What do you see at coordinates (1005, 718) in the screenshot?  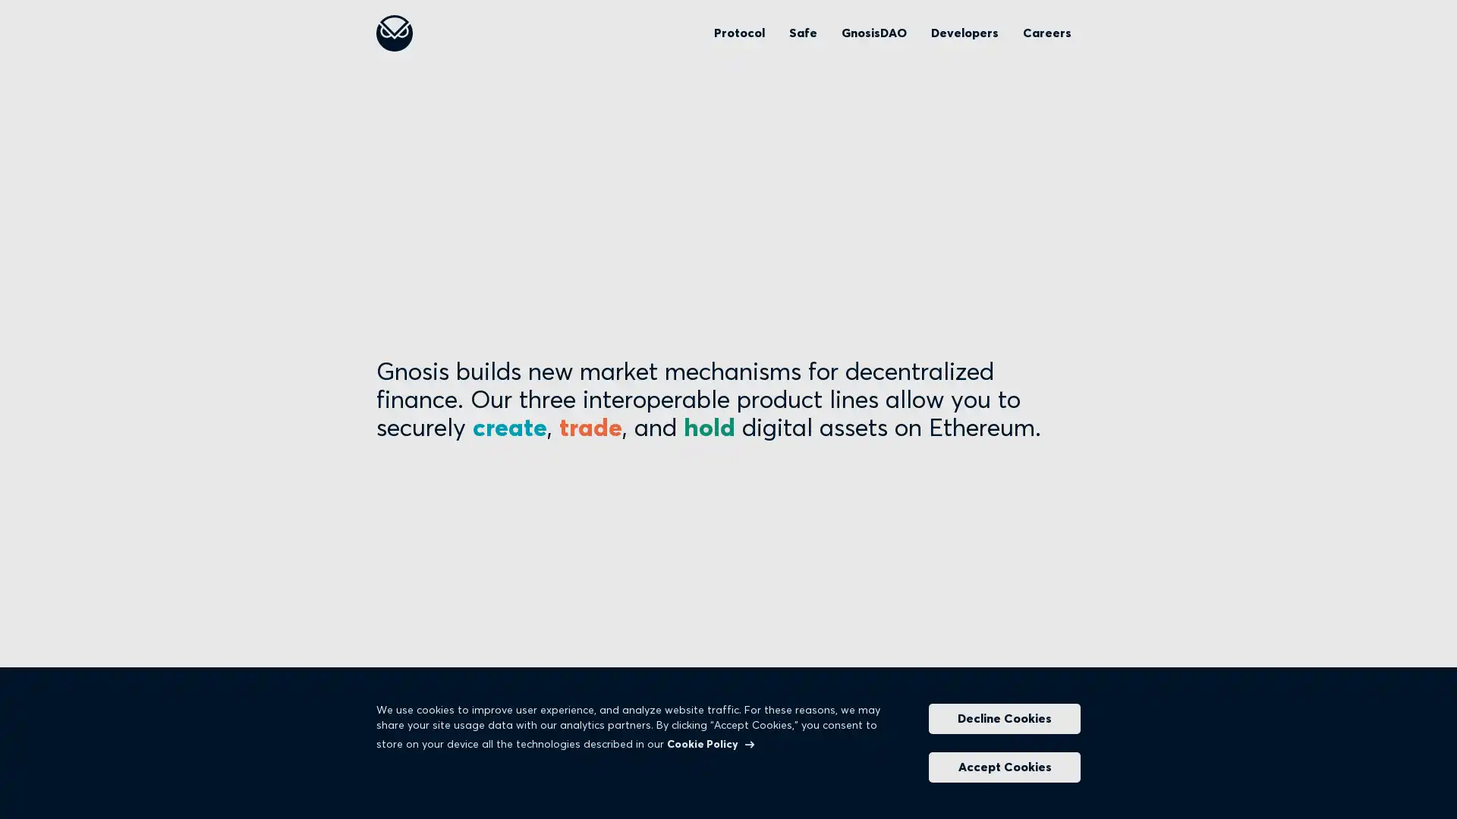 I see `Decline Cookies` at bounding box center [1005, 718].